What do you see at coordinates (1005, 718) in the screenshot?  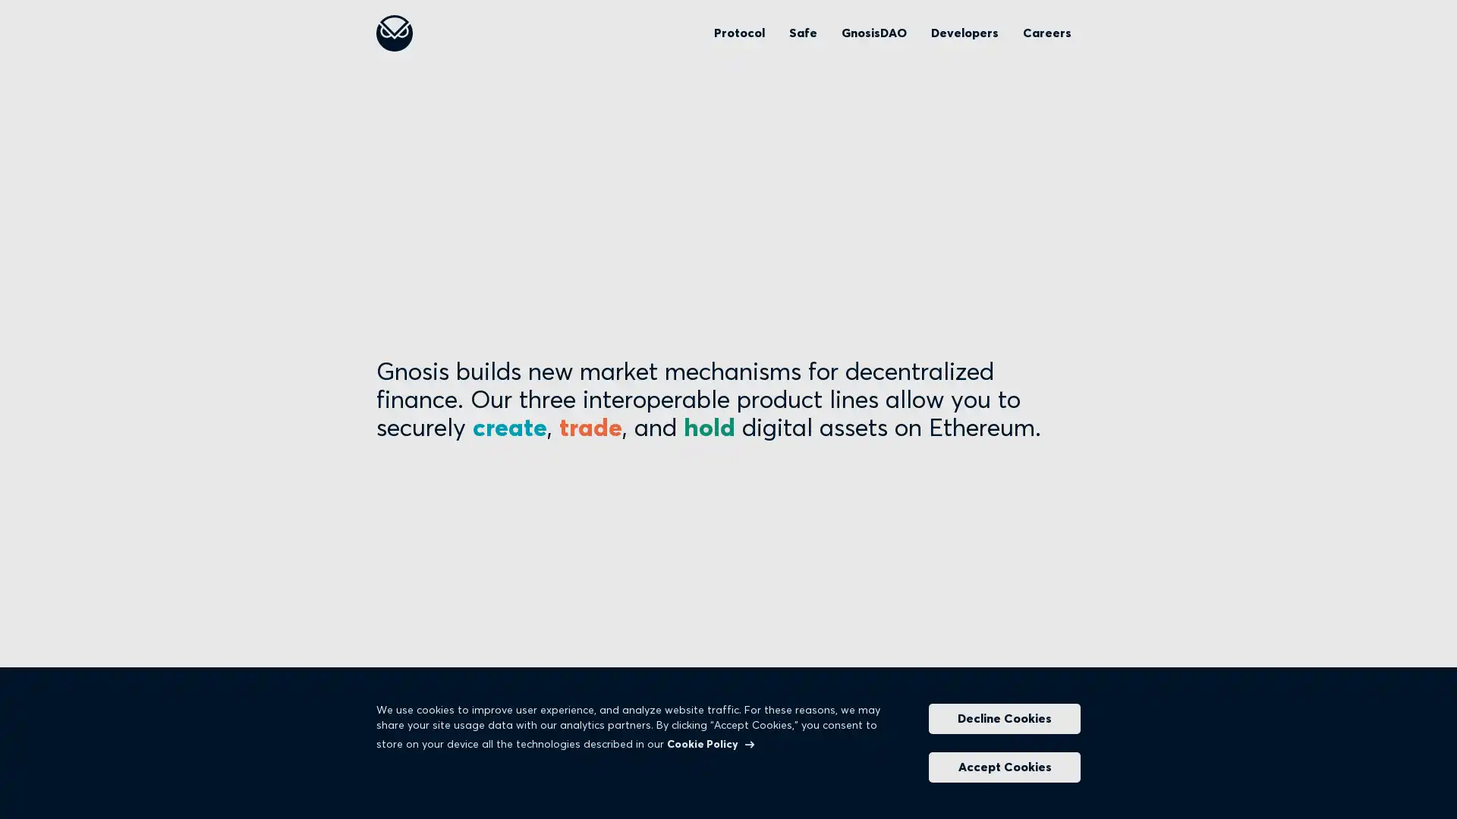 I see `Decline Cookies` at bounding box center [1005, 718].